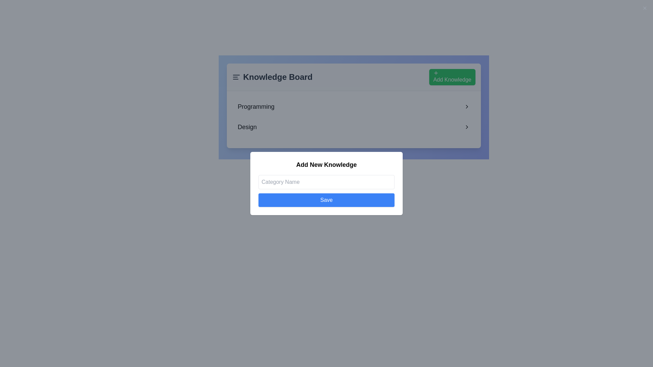 The width and height of the screenshot is (653, 367). I want to click on the Hamburger Menu icon located in the top-left corner of the 'Knowledge Board' panel, so click(236, 77).